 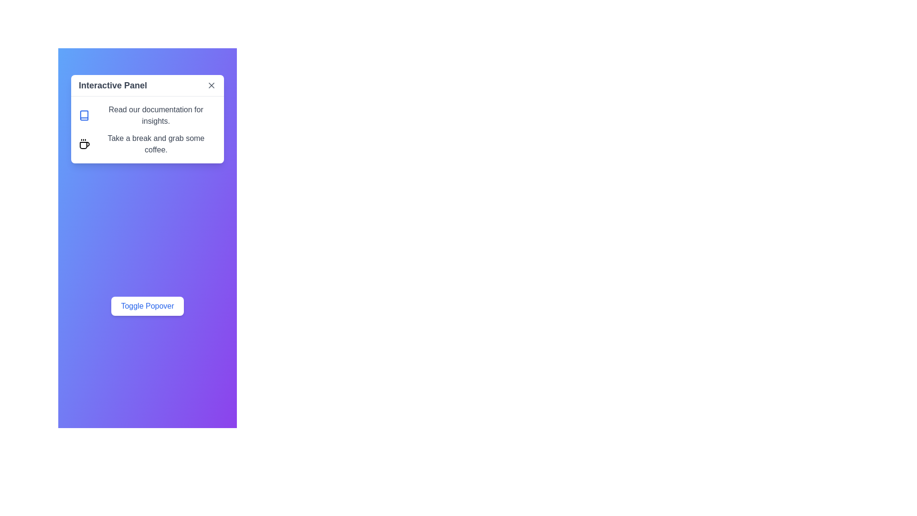 I want to click on the icon representing documentation located in the small information panel to the left of the text 'Read our documentation for insights.', so click(x=84, y=115).